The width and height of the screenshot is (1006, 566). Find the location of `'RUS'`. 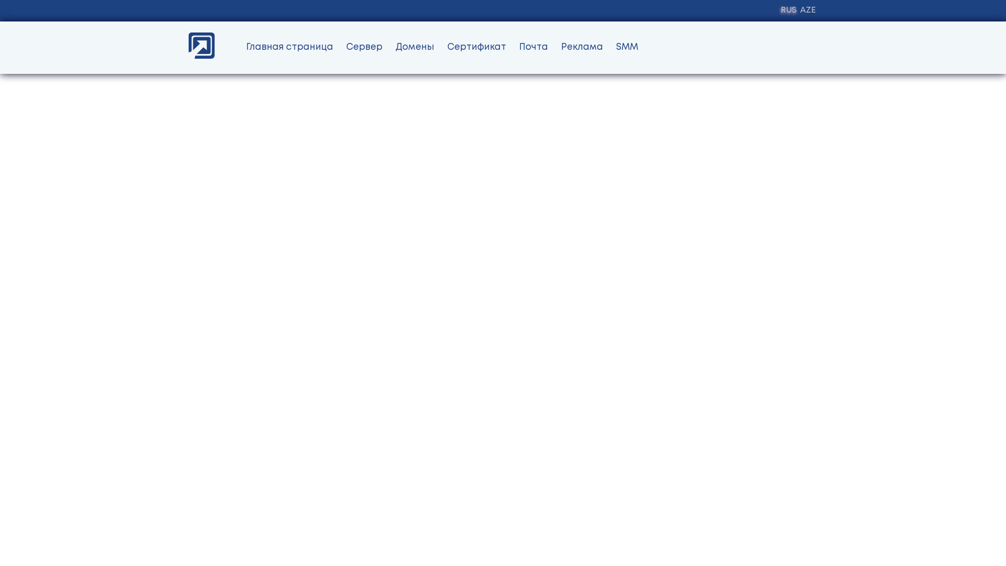

'RUS' is located at coordinates (789, 10).